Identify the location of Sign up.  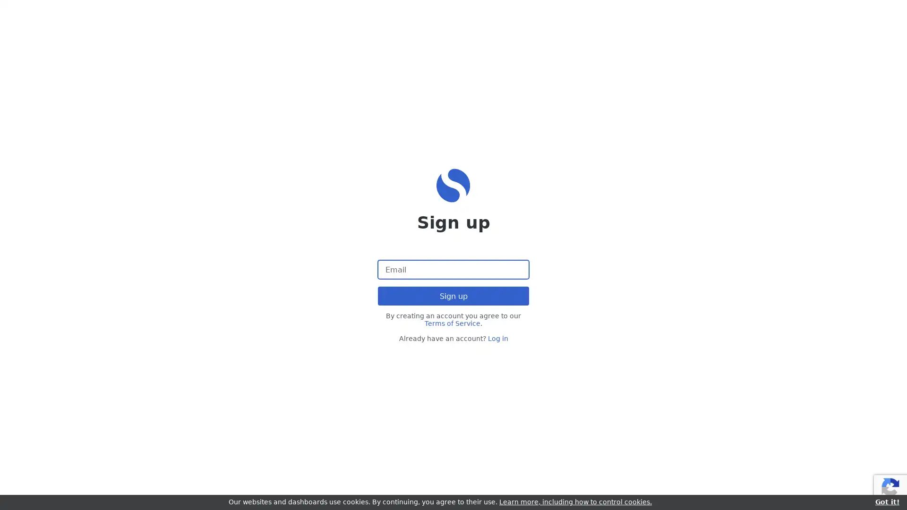
(453, 296).